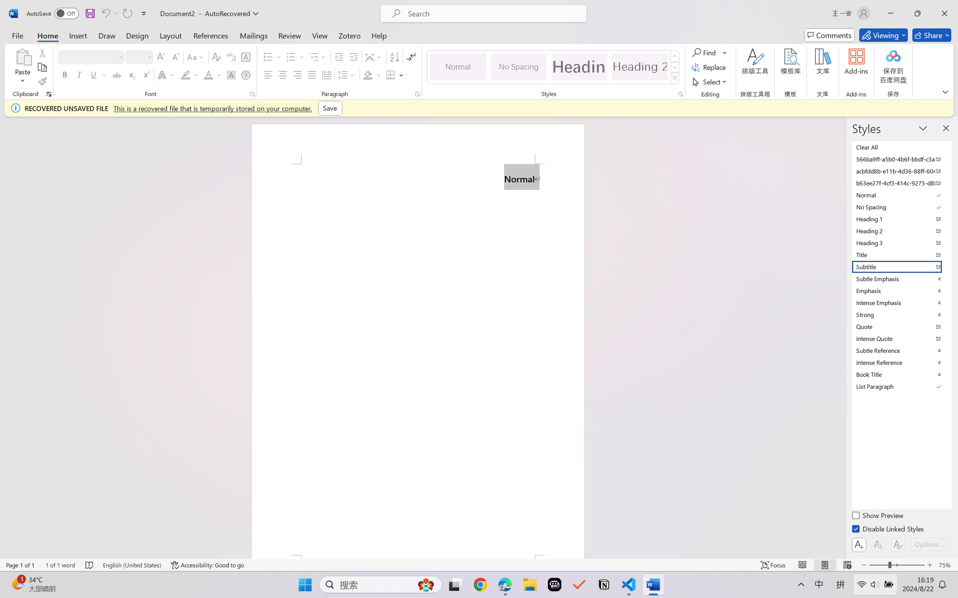 This screenshot has height=598, width=958. I want to click on 'Intense Reference', so click(901, 362).